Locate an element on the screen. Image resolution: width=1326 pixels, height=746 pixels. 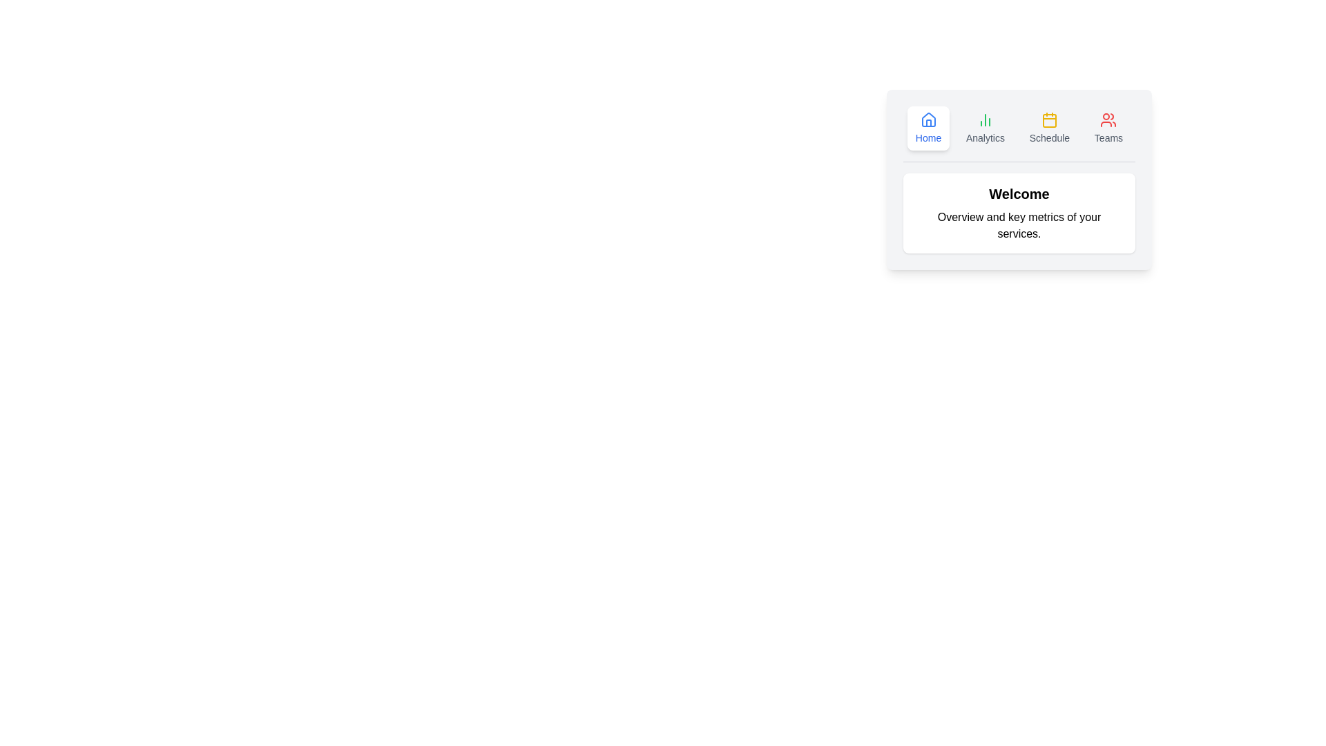
text label that indicates a button for navigating to the 'Teams' page, located in the top-right corner of a panel below a user groups icon is located at coordinates (1108, 138).